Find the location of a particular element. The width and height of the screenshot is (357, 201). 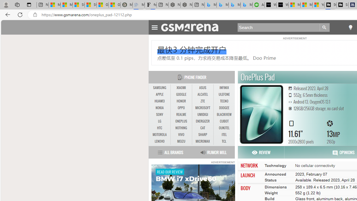

'HTC' is located at coordinates (159, 128).